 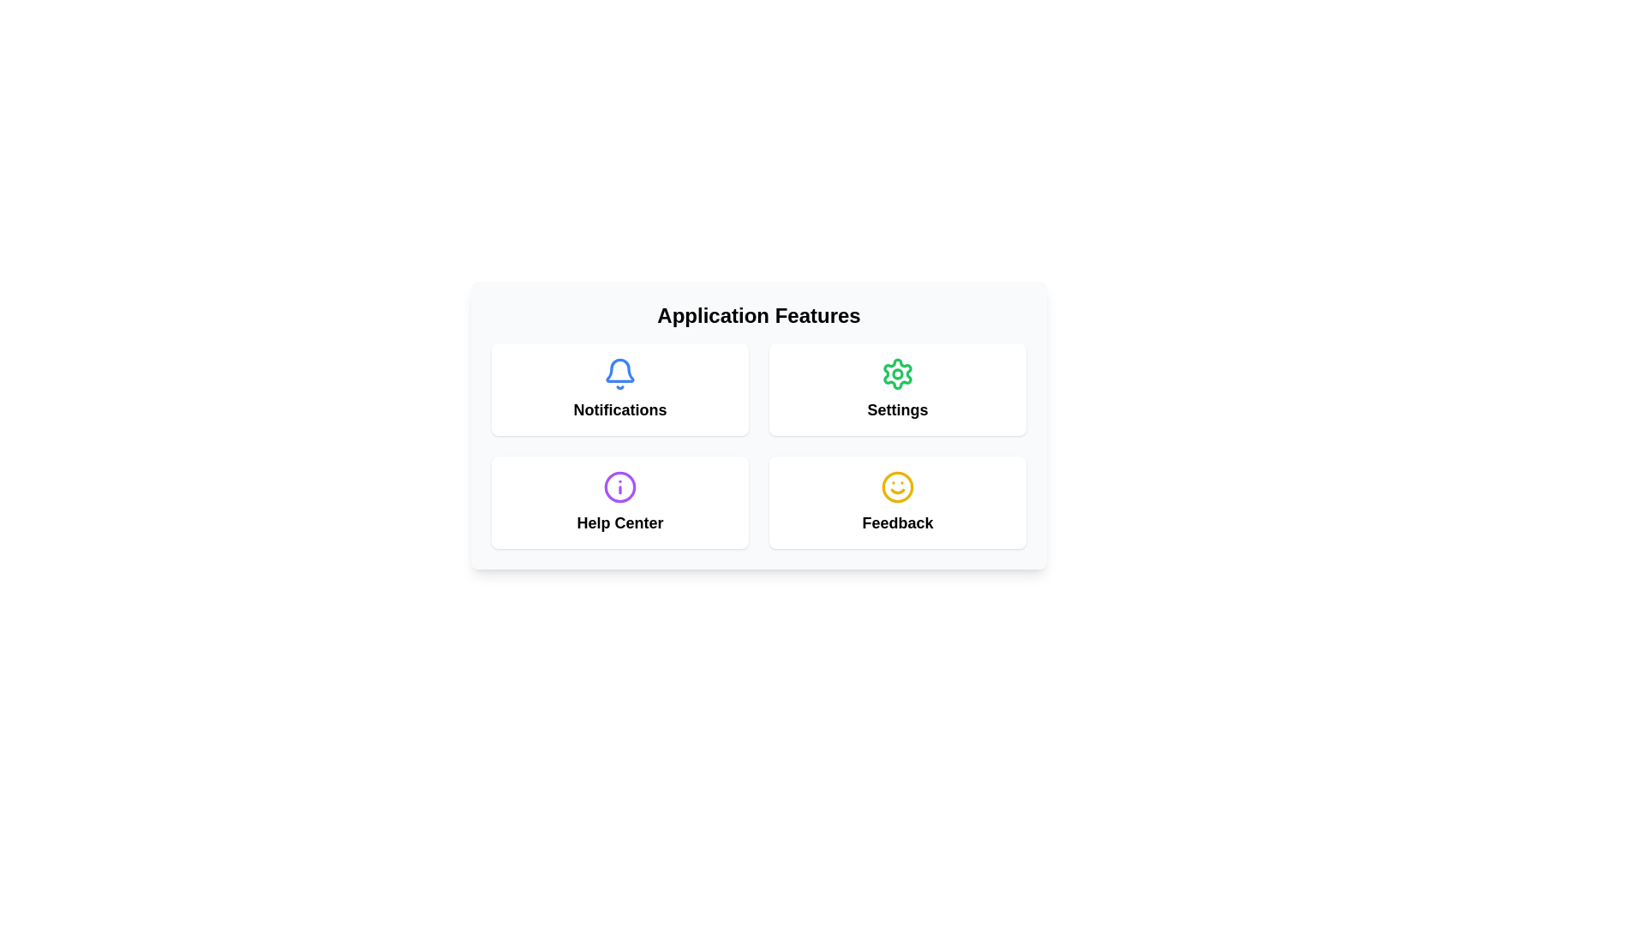 I want to click on the green outlined gear-shaped icon representing the settings symbol located within the 'Application Features' section, so click(x=896, y=373).